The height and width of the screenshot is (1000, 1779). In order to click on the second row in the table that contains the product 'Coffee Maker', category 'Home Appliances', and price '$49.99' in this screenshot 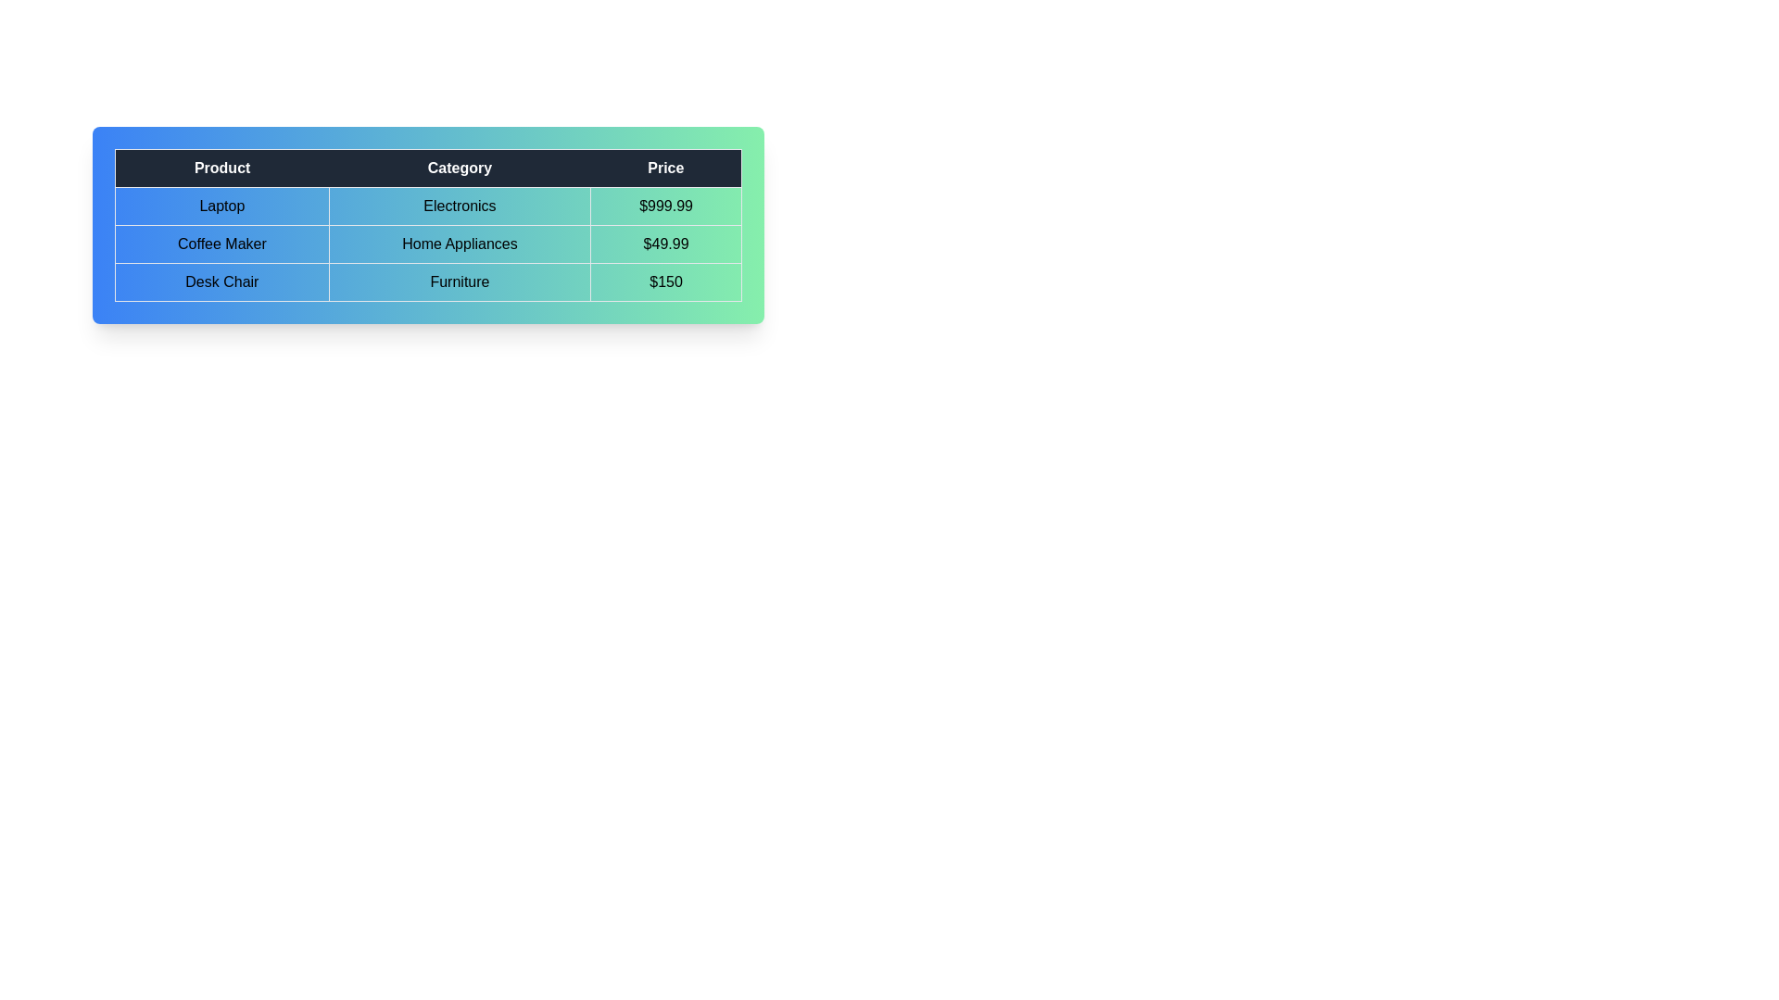, I will do `click(427, 243)`.